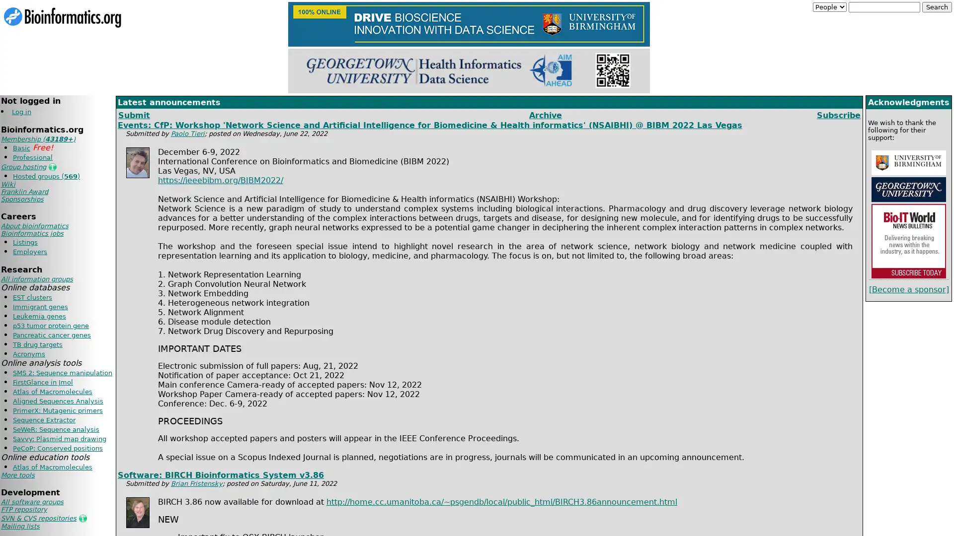 The height and width of the screenshot is (536, 954). I want to click on Search, so click(937, 7).